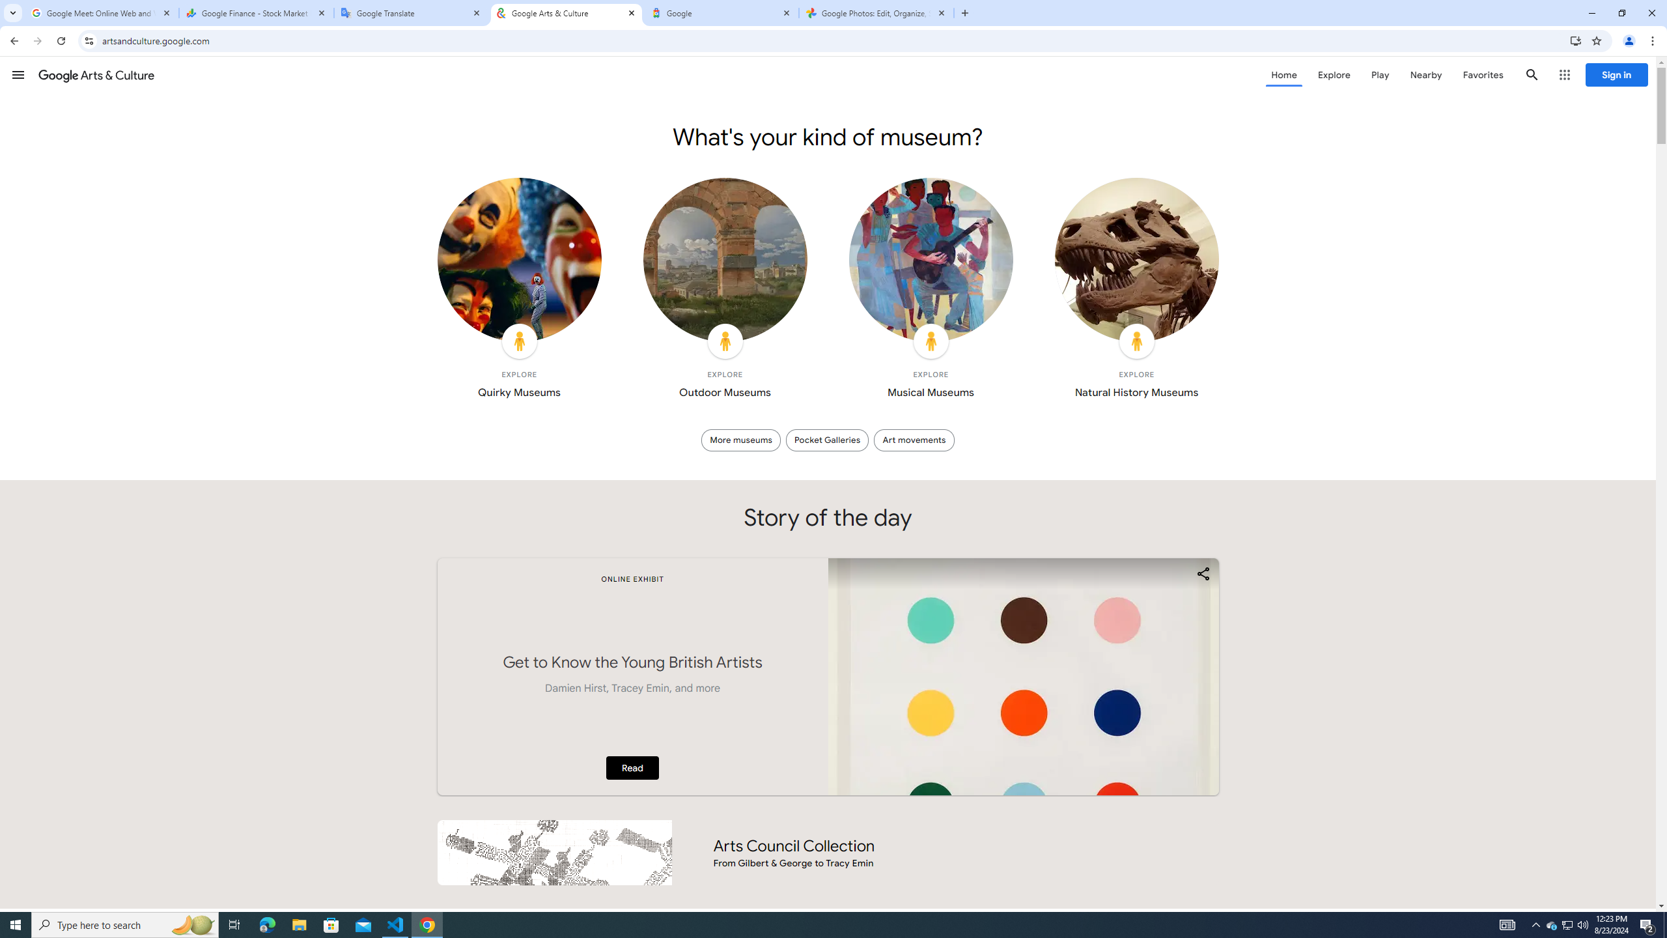 Image resolution: width=1667 pixels, height=938 pixels. Describe the element at coordinates (566, 12) in the screenshot. I see `'Google Arts & Culture'` at that location.